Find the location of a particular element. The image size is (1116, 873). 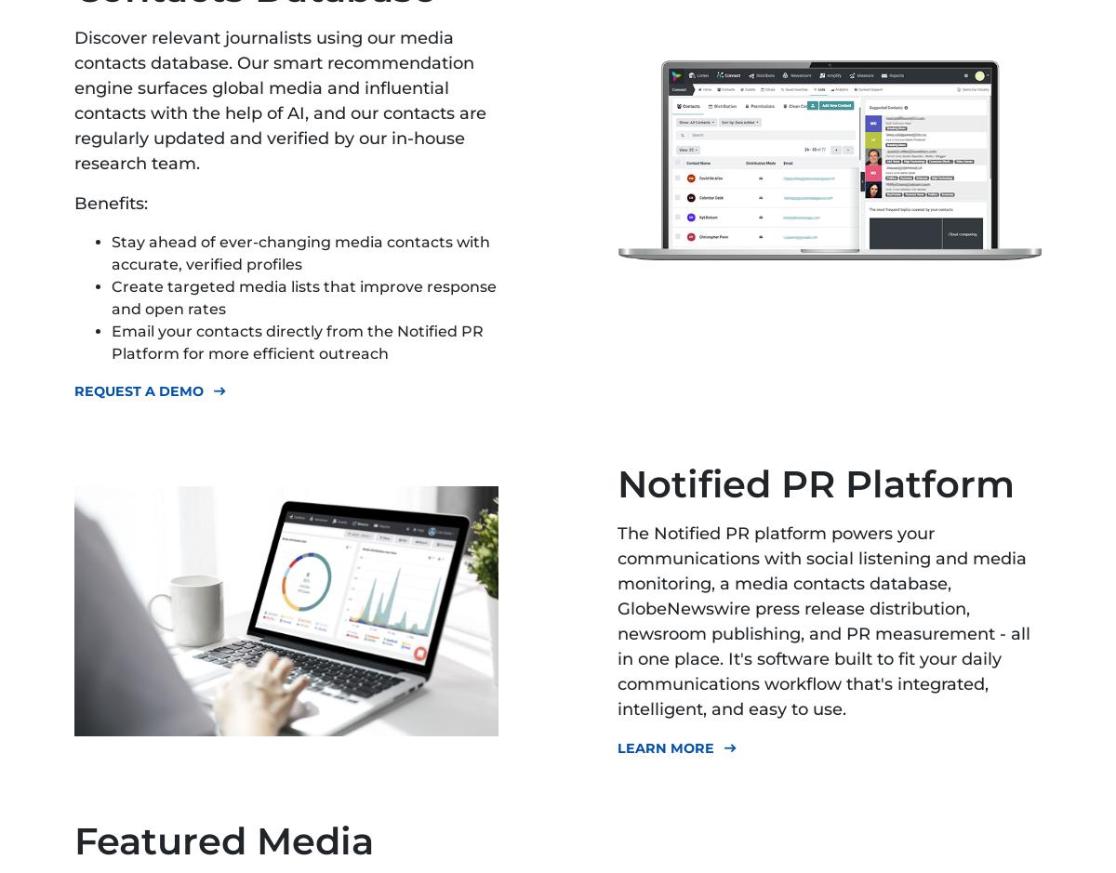

'Discover relevant journalists using our media contacts database. Our smart recommendation engine surfaces global media and influential contacts with the help of AI, and our contacts are regularly updated and verified by our in-house research team.' is located at coordinates (280, 100).